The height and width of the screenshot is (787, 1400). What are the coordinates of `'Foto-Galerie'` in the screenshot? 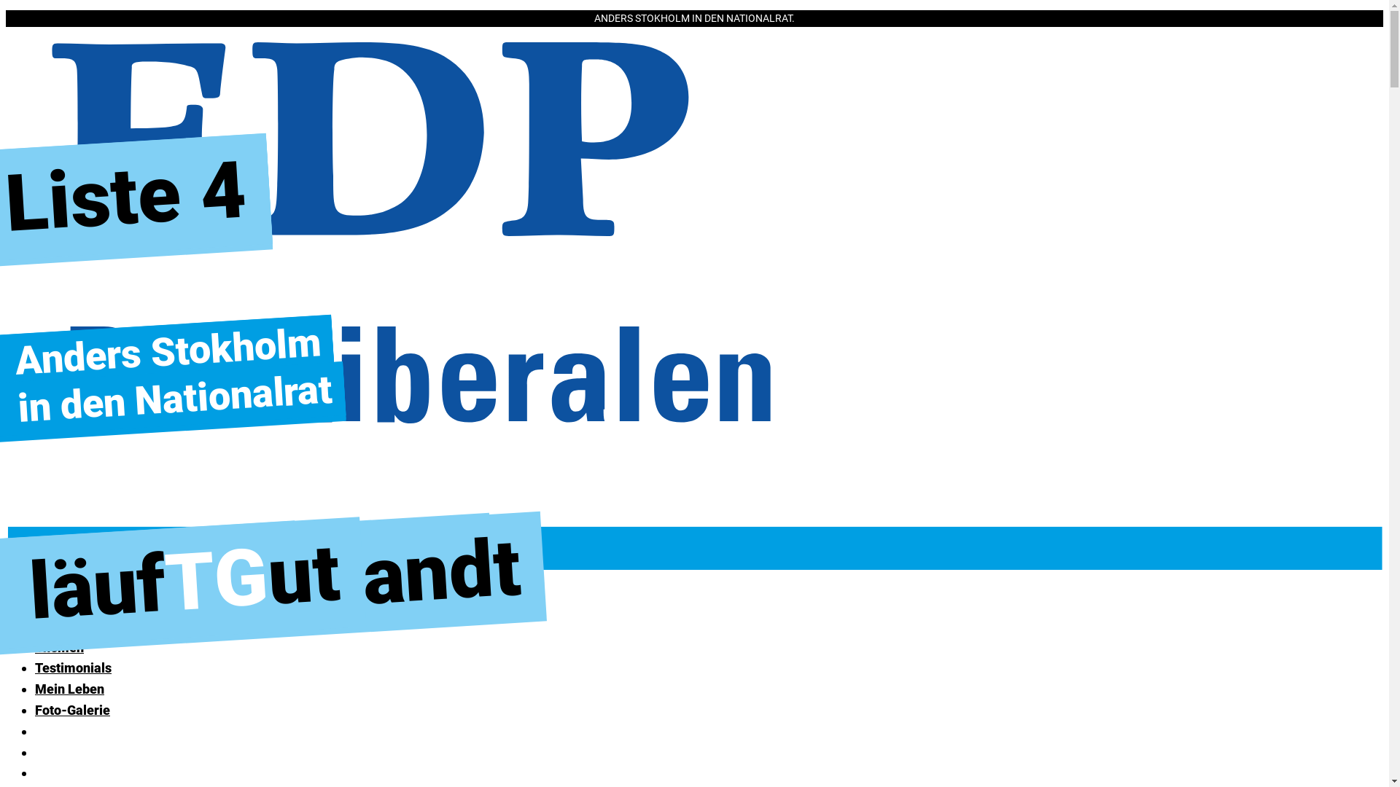 It's located at (71, 709).